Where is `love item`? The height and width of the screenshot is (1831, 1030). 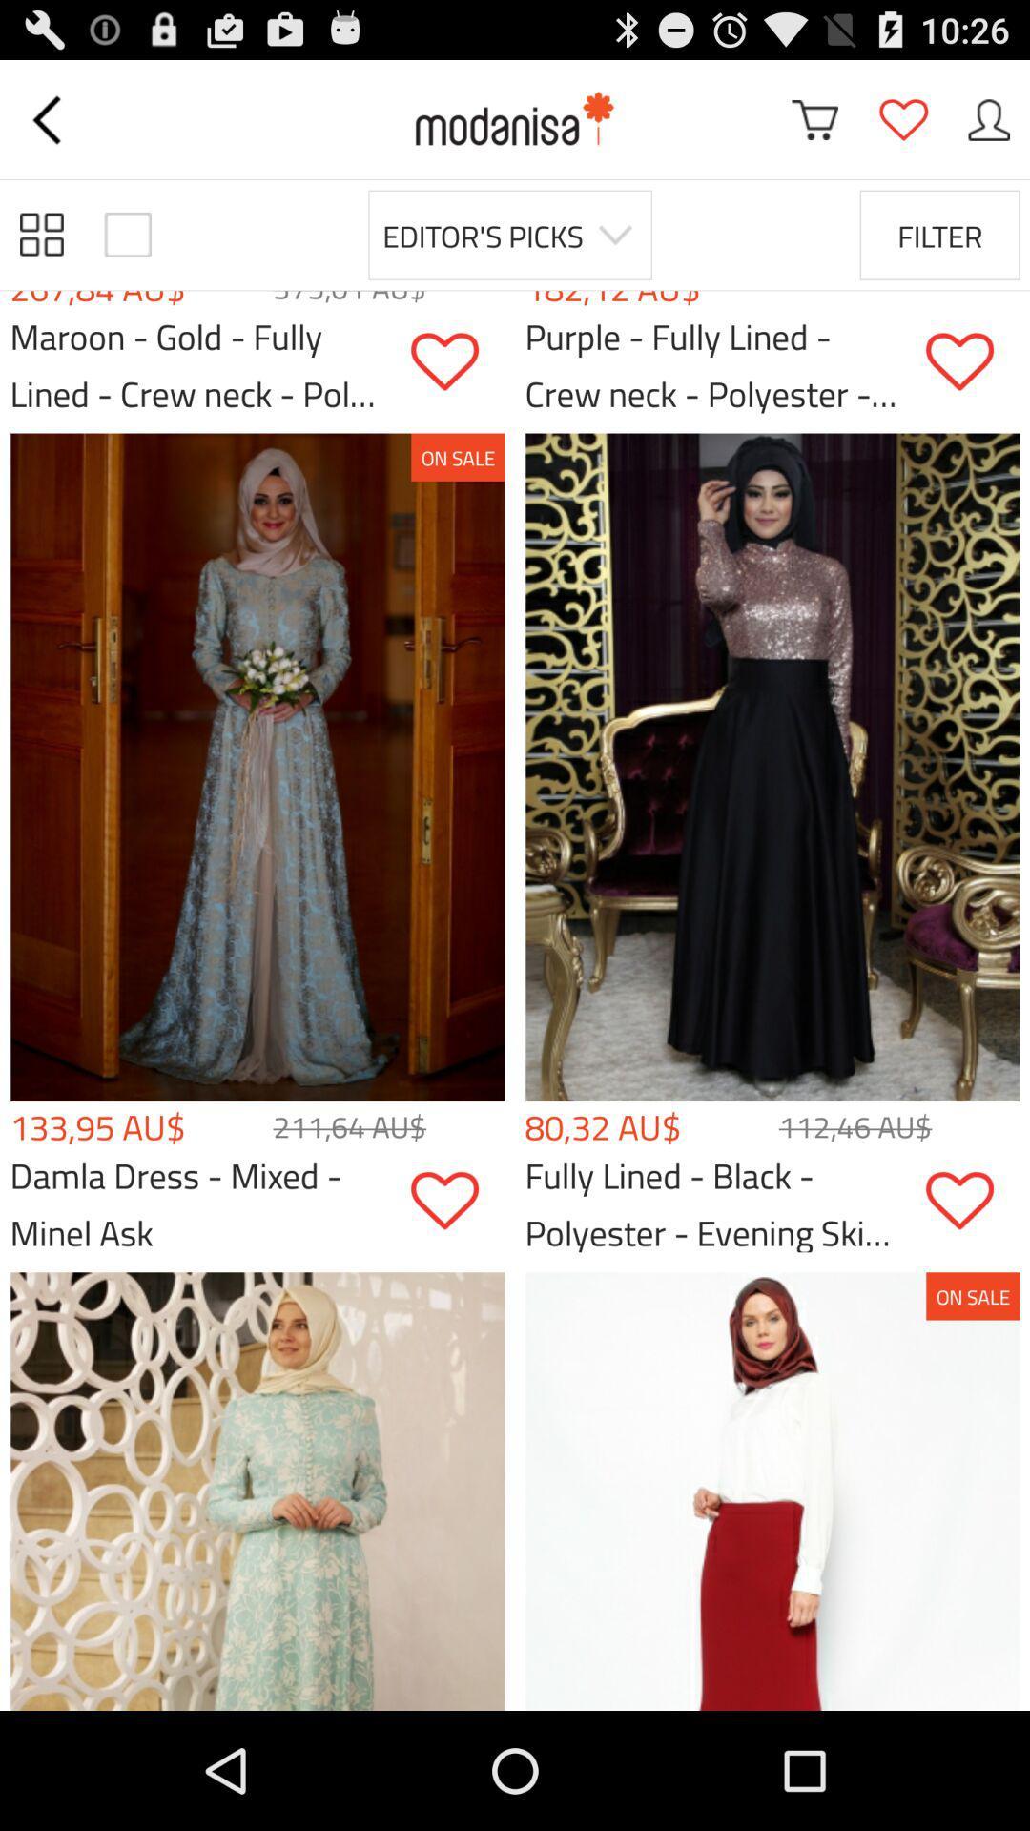 love item is located at coordinates (457, 1200).